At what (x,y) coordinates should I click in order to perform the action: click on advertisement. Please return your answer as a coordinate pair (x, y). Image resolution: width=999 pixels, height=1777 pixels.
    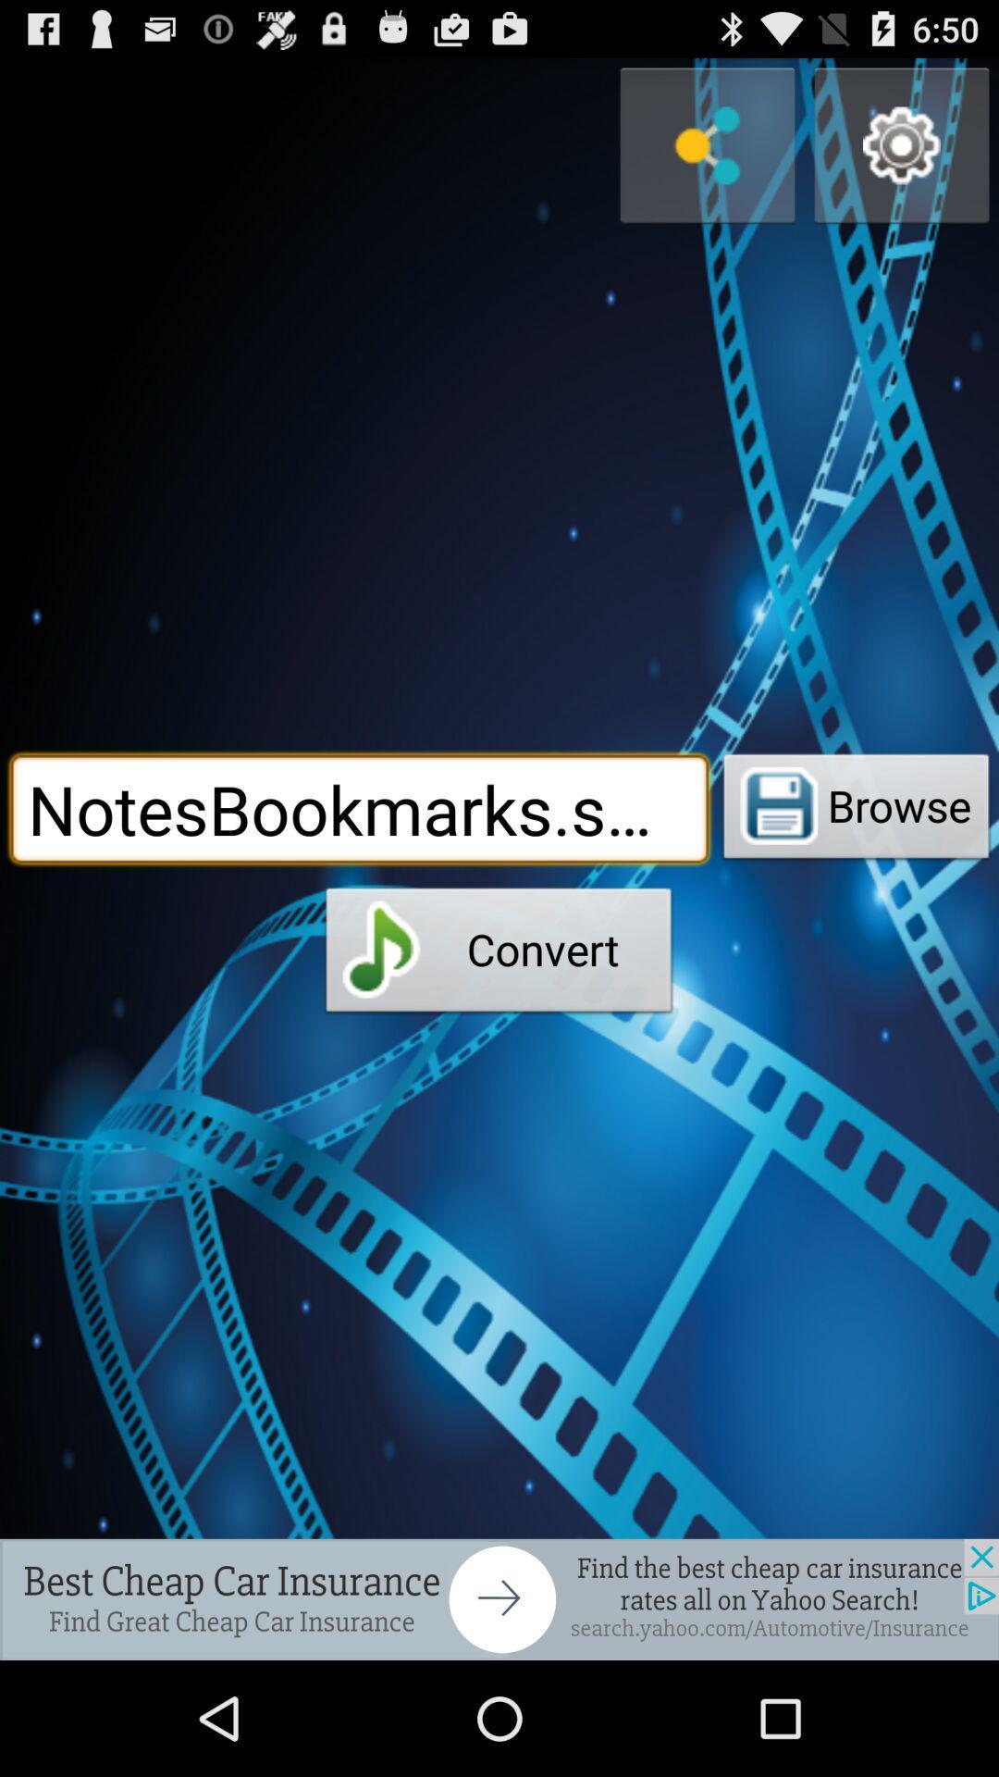
    Looking at the image, I should click on (499, 1598).